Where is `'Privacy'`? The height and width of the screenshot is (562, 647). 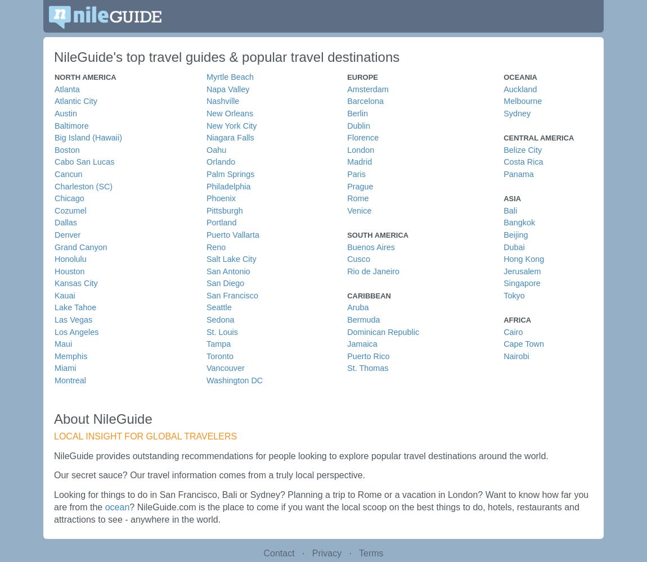
'Privacy' is located at coordinates (311, 552).